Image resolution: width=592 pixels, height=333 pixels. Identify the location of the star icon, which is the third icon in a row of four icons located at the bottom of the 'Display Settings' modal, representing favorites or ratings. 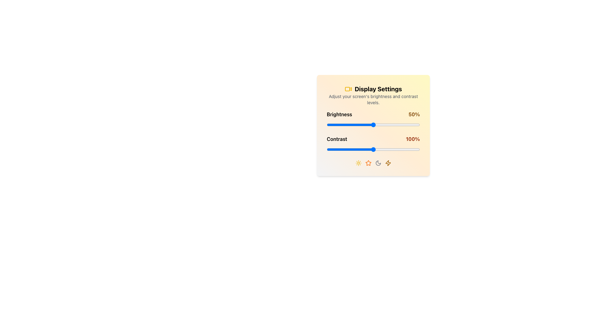
(368, 162).